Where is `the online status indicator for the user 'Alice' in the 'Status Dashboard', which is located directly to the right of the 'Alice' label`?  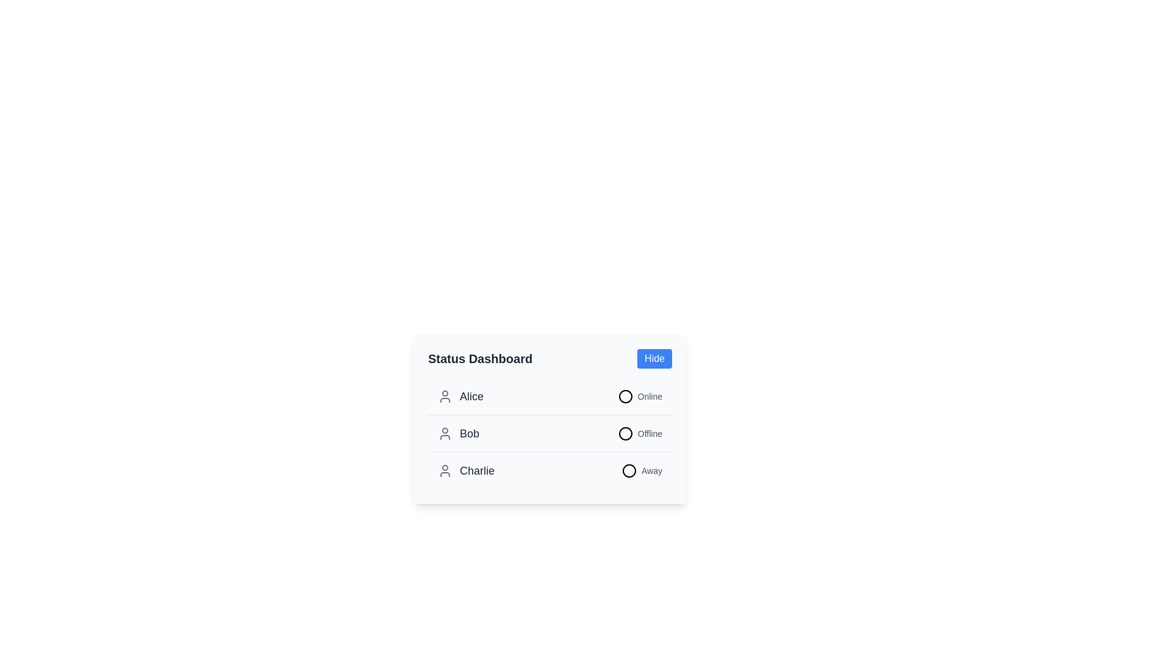 the online status indicator for the user 'Alice' in the 'Status Dashboard', which is located directly to the right of the 'Alice' label is located at coordinates (639, 397).